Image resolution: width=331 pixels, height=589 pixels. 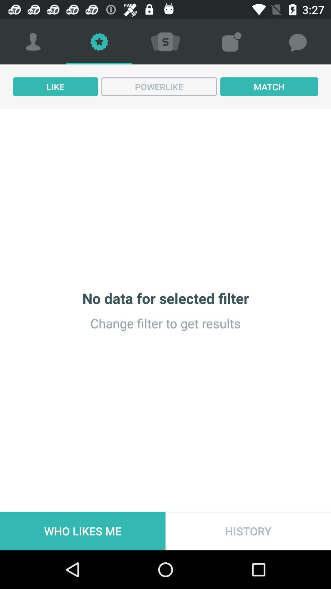 What do you see at coordinates (83, 531) in the screenshot?
I see `item to the left of the history` at bounding box center [83, 531].